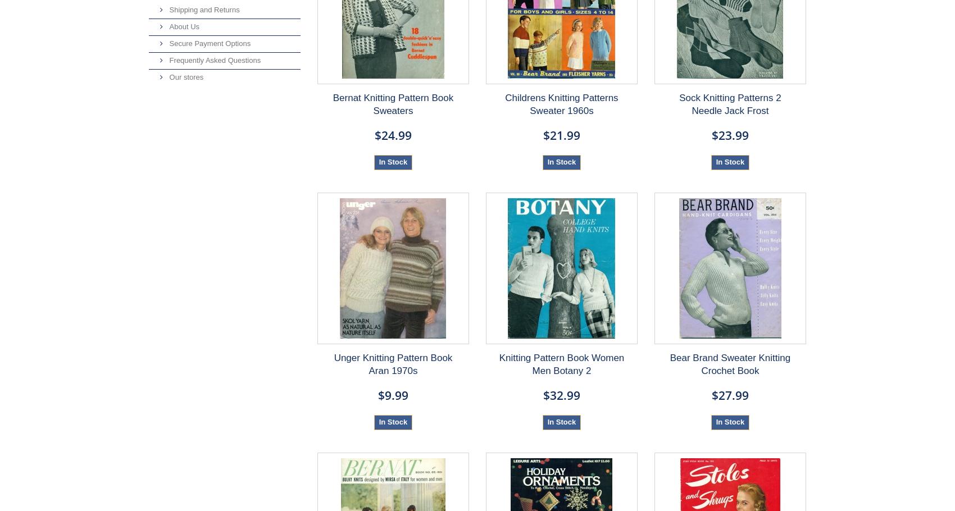 This screenshot has width=955, height=511. I want to click on '$21.99', so click(542, 134).